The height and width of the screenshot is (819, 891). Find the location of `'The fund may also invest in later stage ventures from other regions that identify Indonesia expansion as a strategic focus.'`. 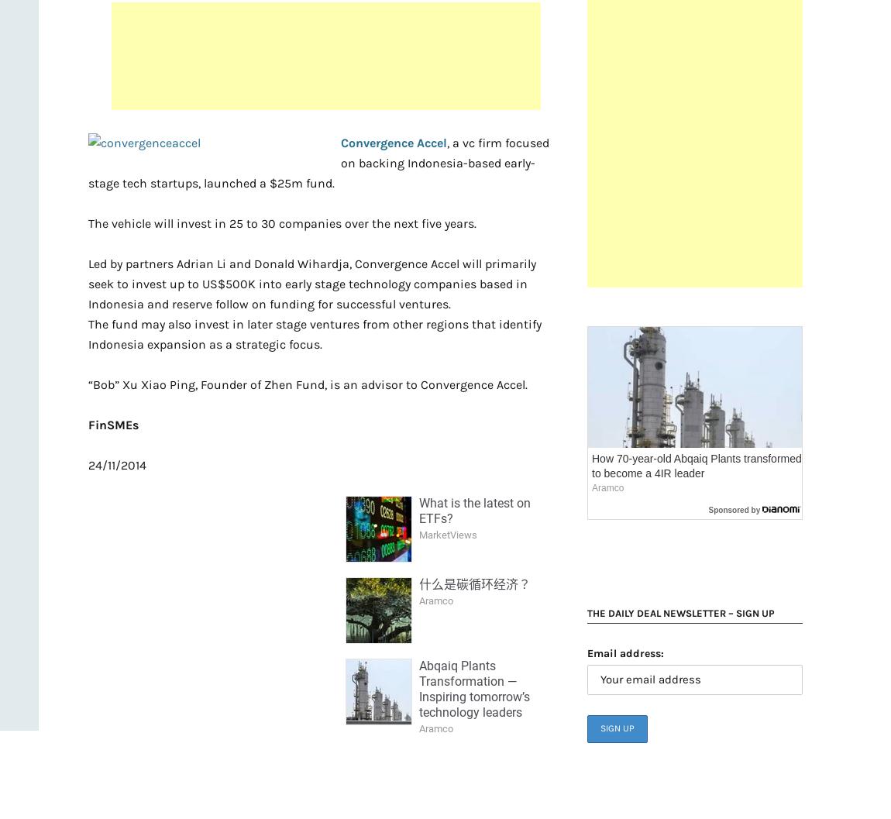

'The fund may also invest in later stage ventures from other regions that identify Indonesia expansion as a strategic focus.' is located at coordinates (315, 333).